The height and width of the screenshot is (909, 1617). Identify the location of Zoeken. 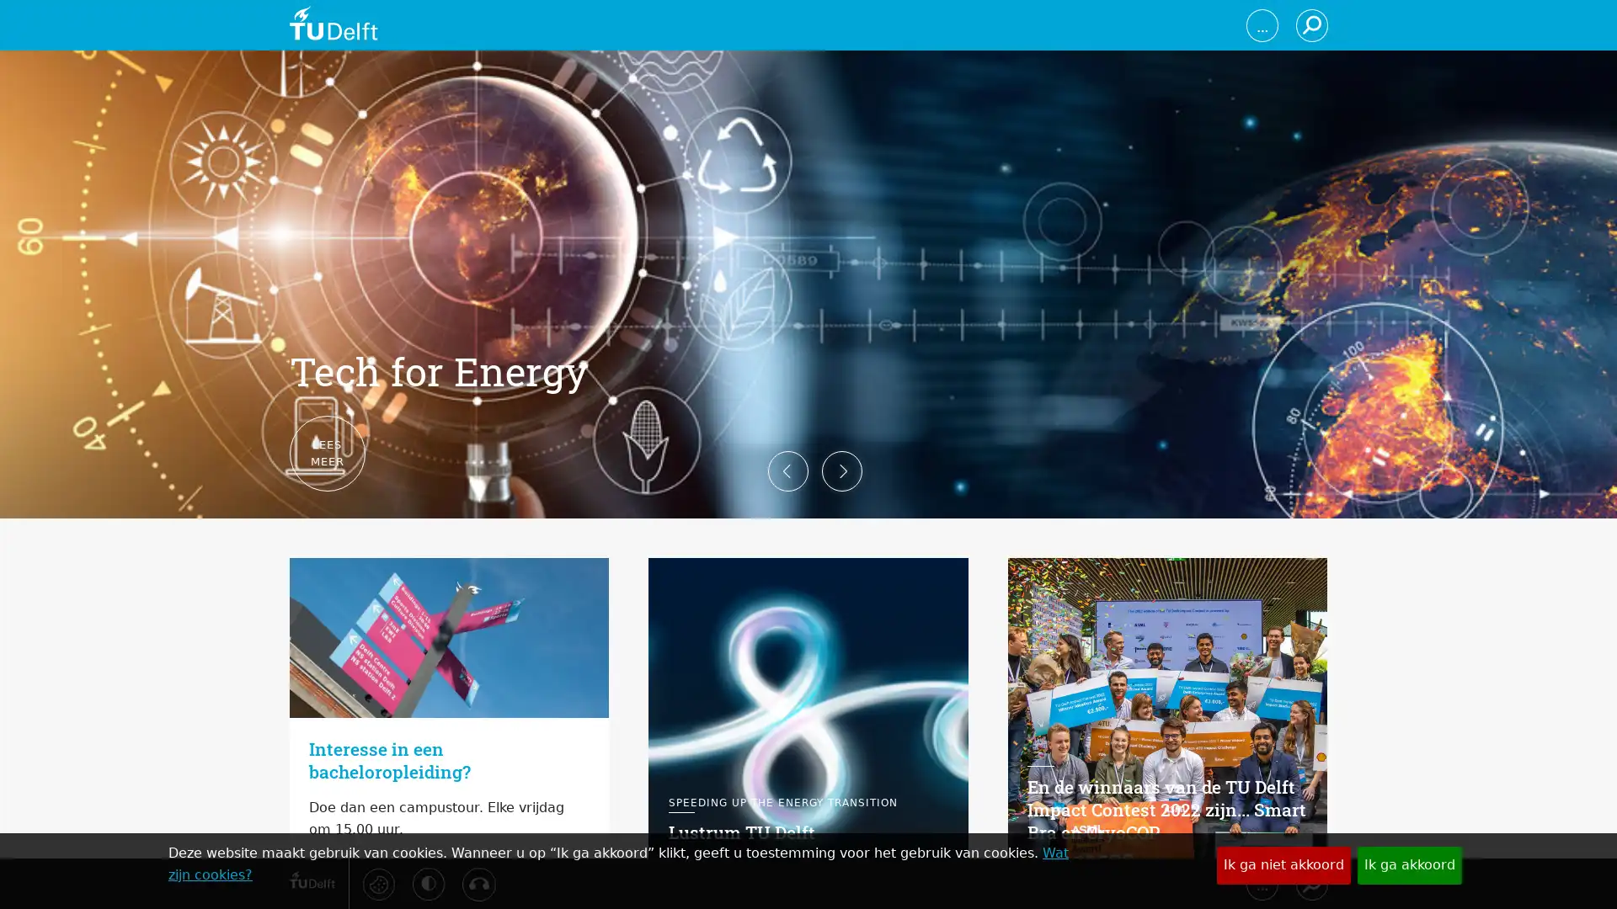
(1310, 882).